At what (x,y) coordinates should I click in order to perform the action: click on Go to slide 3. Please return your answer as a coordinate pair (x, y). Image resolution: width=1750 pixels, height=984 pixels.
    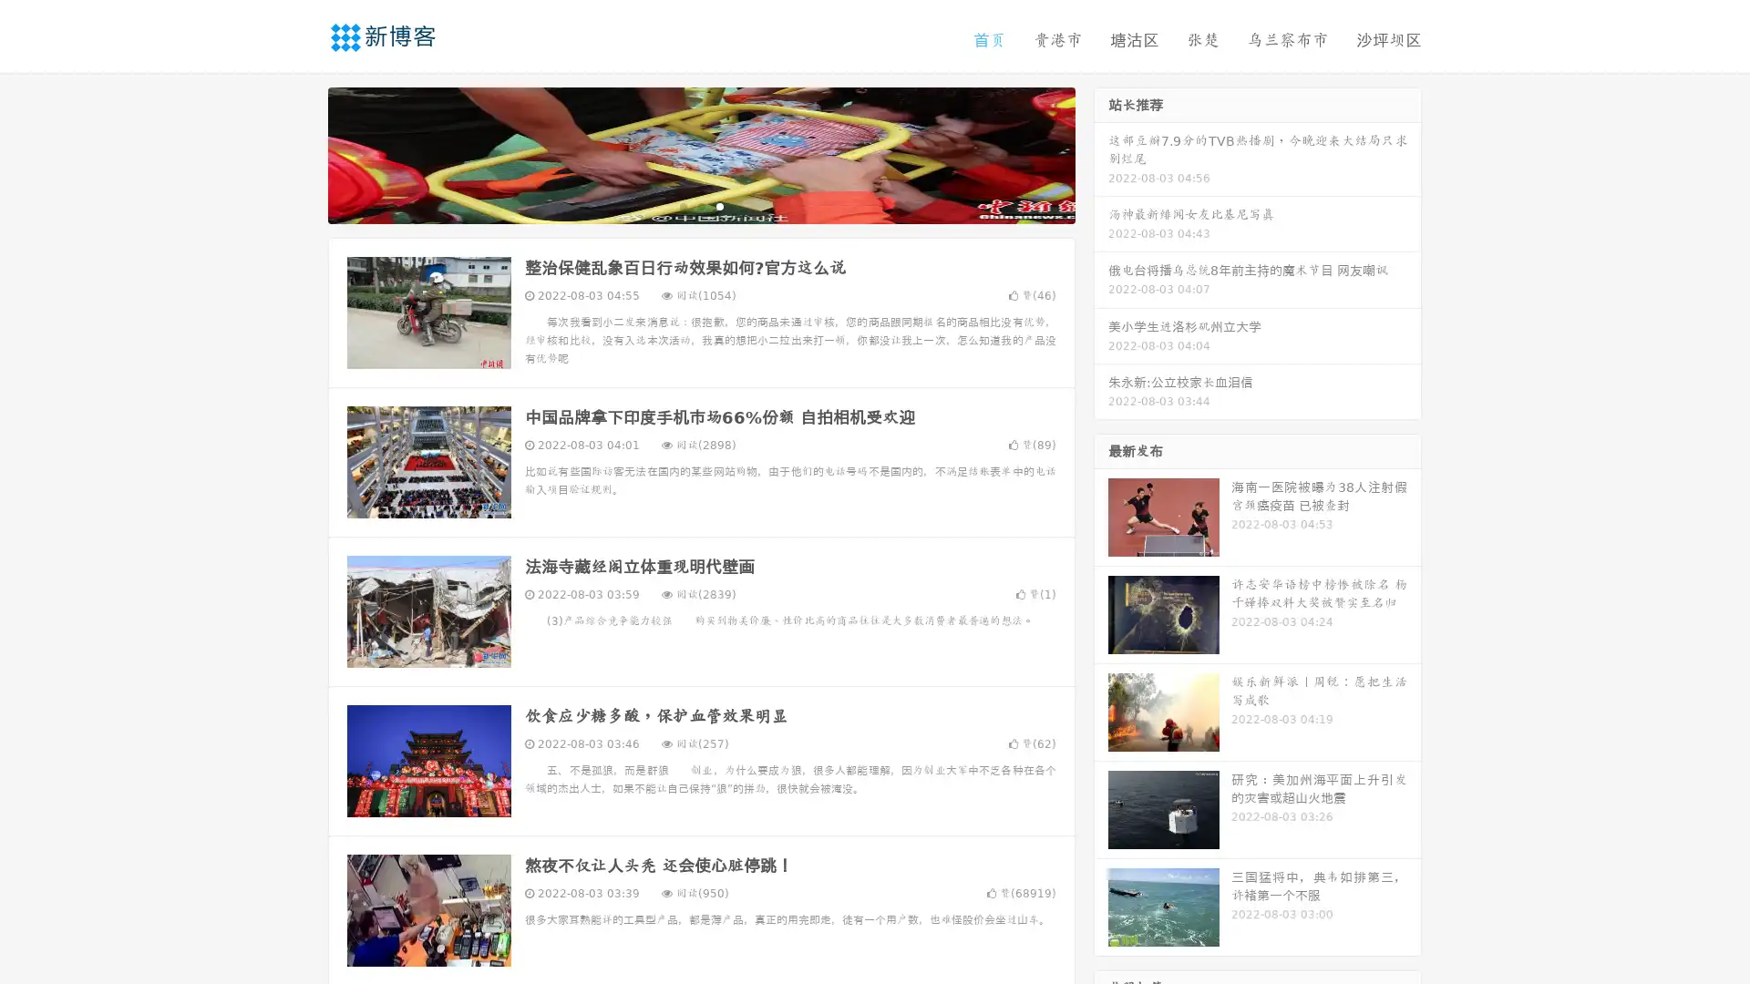
    Looking at the image, I should click on (719, 205).